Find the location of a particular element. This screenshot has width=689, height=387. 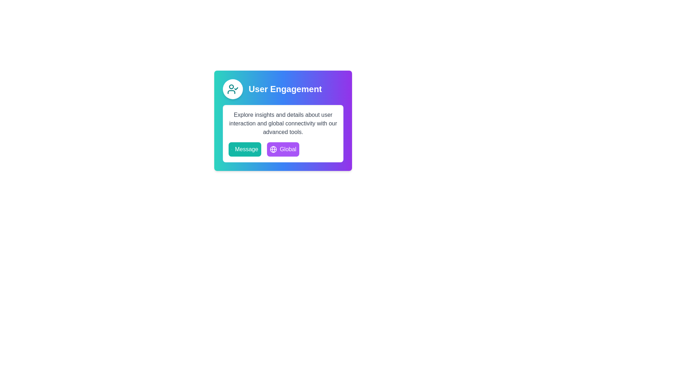

displayed information in the Informational Section with Buttons located below the heading 'User Engagement' with a white background and rounded corners is located at coordinates (282, 134).